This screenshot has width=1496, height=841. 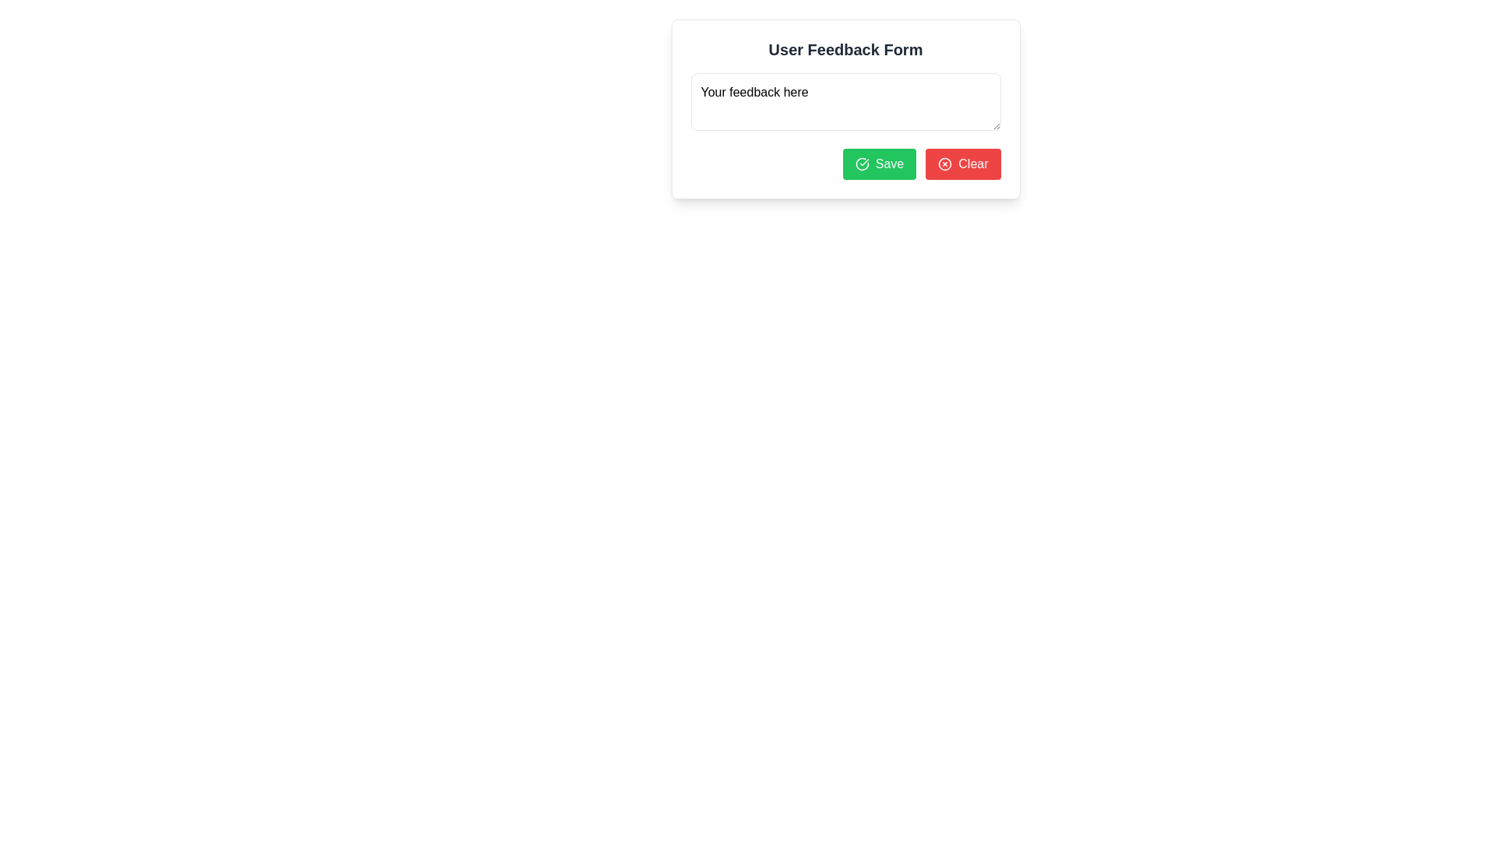 What do you see at coordinates (879, 164) in the screenshot?
I see `the save feedback button located to the left of the red 'Clear' button in the bottom-right of the user feedback form` at bounding box center [879, 164].